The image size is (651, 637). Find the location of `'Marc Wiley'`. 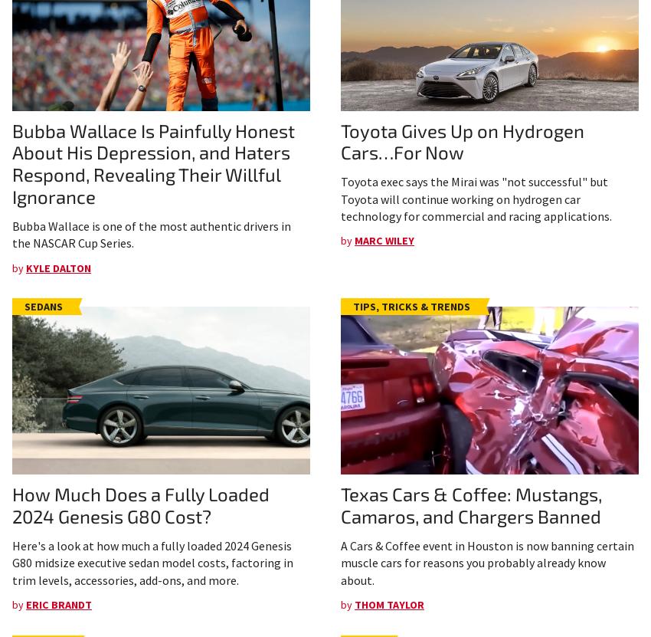

'Marc Wiley' is located at coordinates (384, 241).